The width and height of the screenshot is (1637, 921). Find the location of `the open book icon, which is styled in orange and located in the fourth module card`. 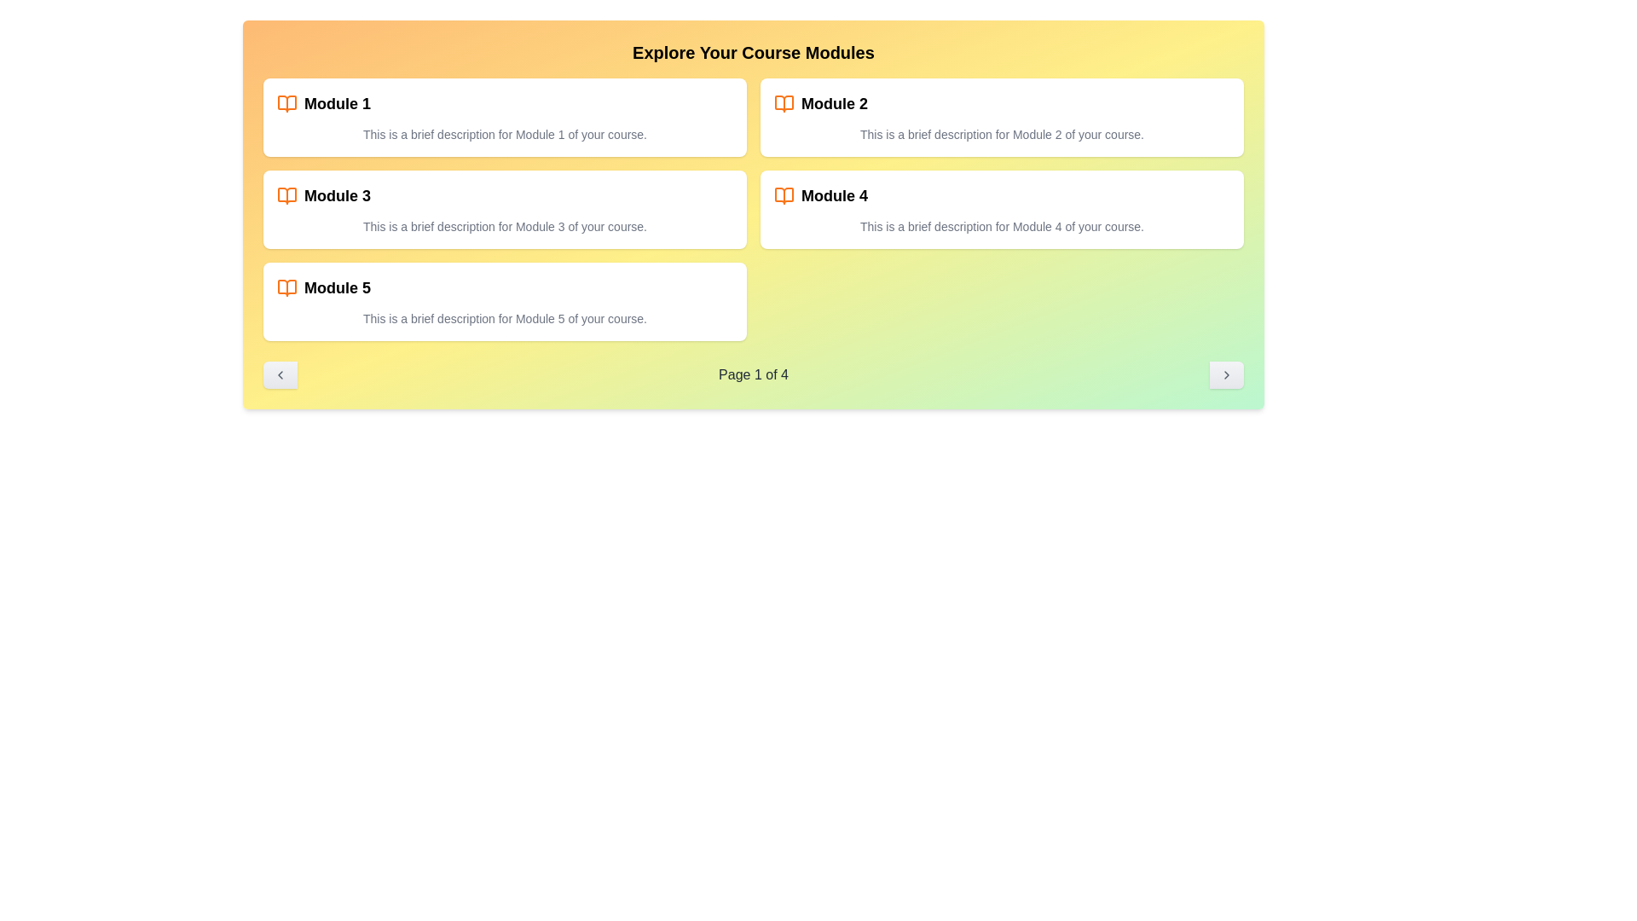

the open book icon, which is styled in orange and located in the fourth module card is located at coordinates (784, 195).